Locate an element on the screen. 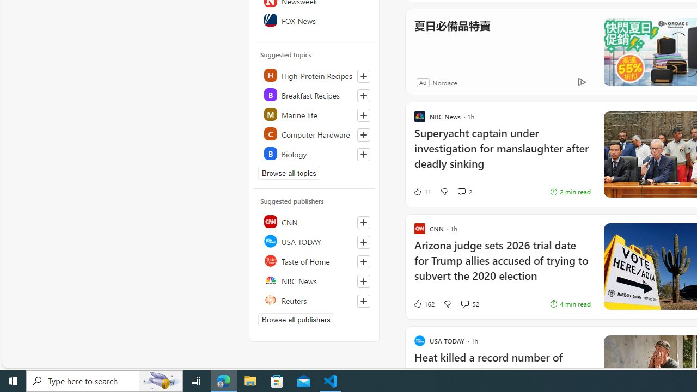  'Taste of Home' is located at coordinates (314, 261).